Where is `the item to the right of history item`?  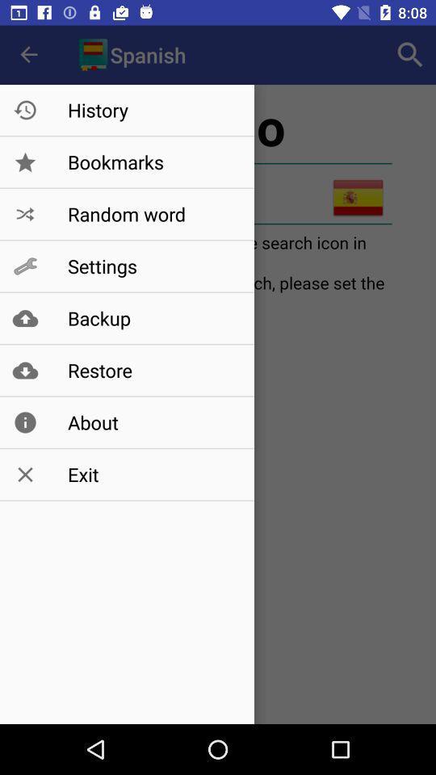 the item to the right of history item is located at coordinates (410, 55).